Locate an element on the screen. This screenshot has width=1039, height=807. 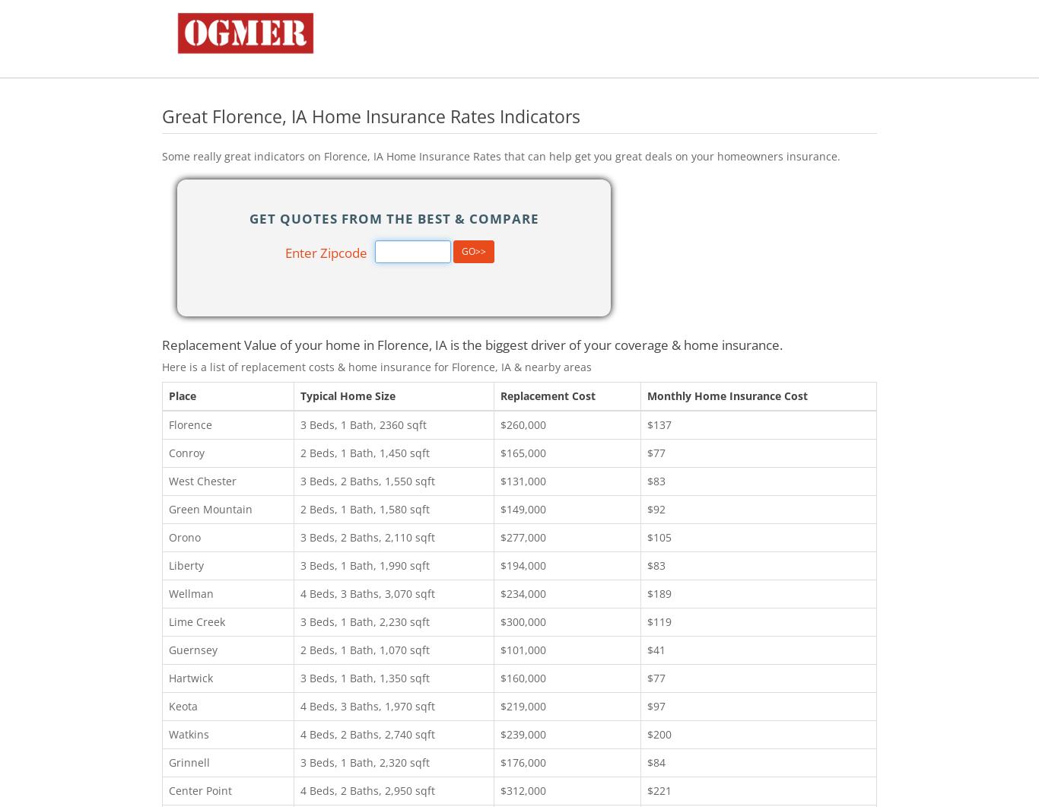
'Green Mountain' is located at coordinates (167, 507).